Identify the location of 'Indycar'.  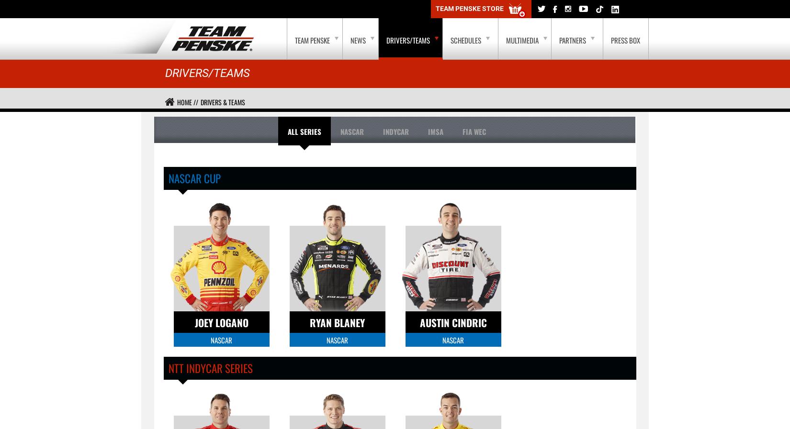
(395, 131).